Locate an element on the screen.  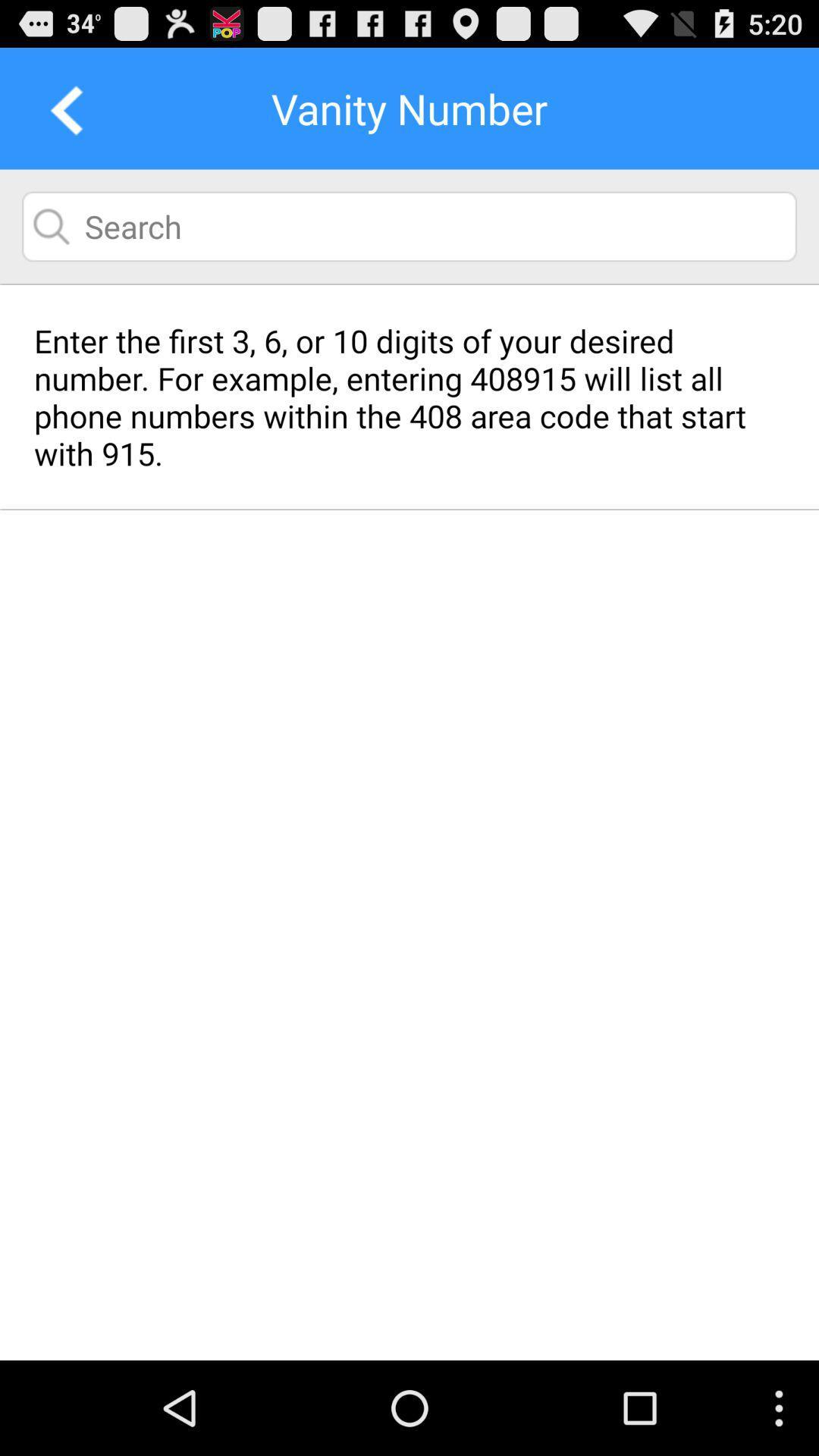
the arrow_backward icon is located at coordinates (61, 115).